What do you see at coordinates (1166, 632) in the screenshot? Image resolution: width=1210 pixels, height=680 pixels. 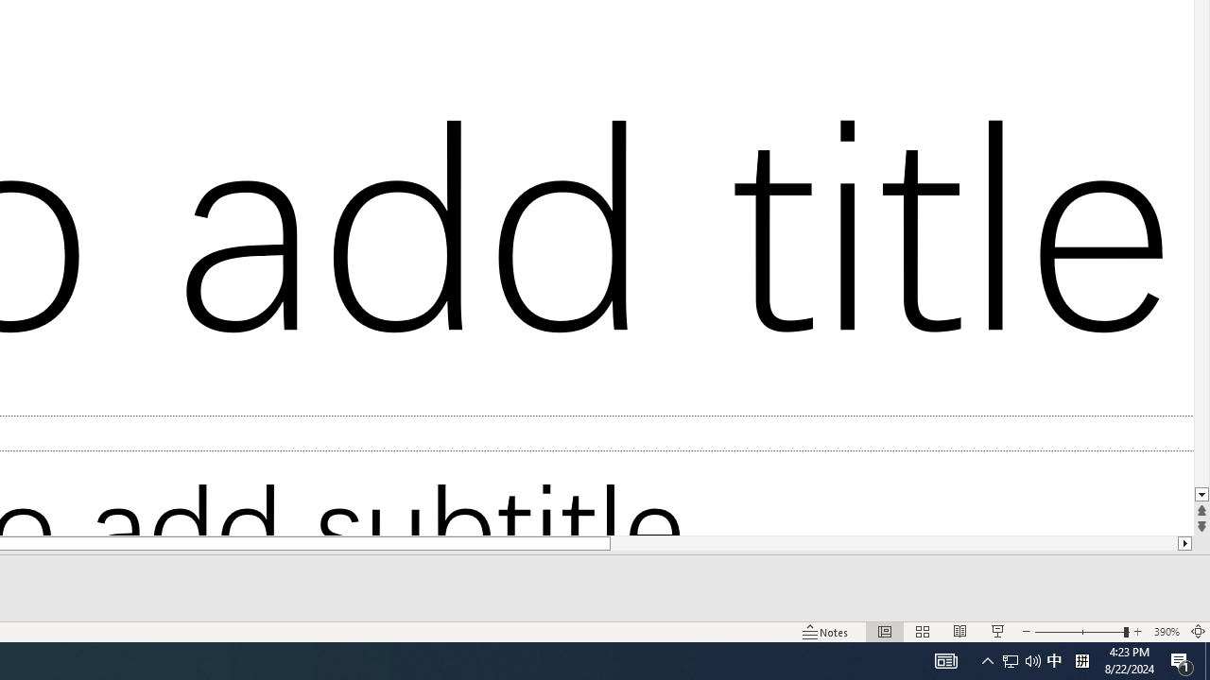 I see `'Zoom 390%'` at bounding box center [1166, 632].